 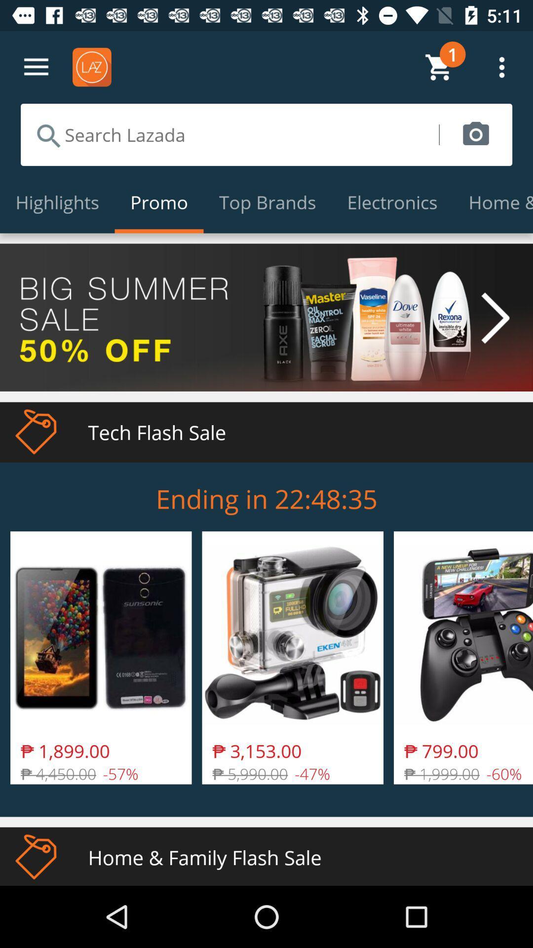 What do you see at coordinates (475, 134) in the screenshot?
I see `item above the electronics` at bounding box center [475, 134].